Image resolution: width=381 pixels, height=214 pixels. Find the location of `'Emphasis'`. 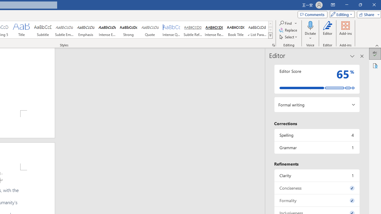

'Emphasis' is located at coordinates (85, 30).